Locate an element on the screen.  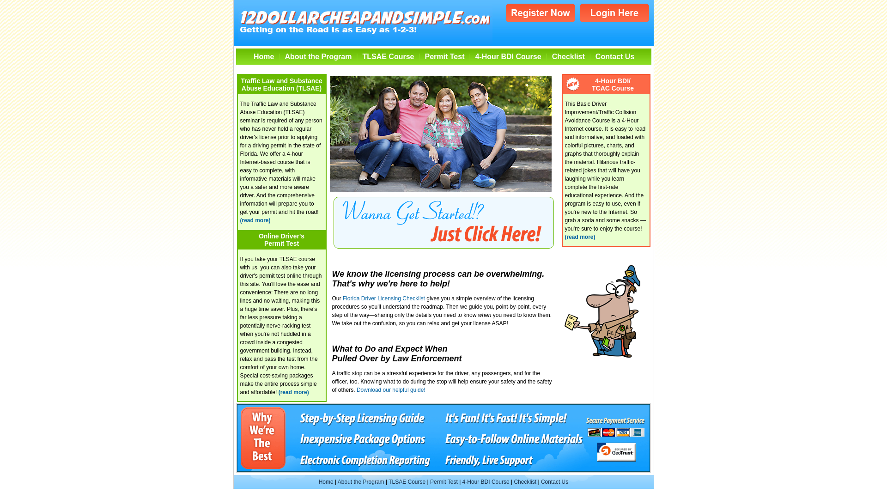
'4-Hour BDI Course' is located at coordinates (508, 56).